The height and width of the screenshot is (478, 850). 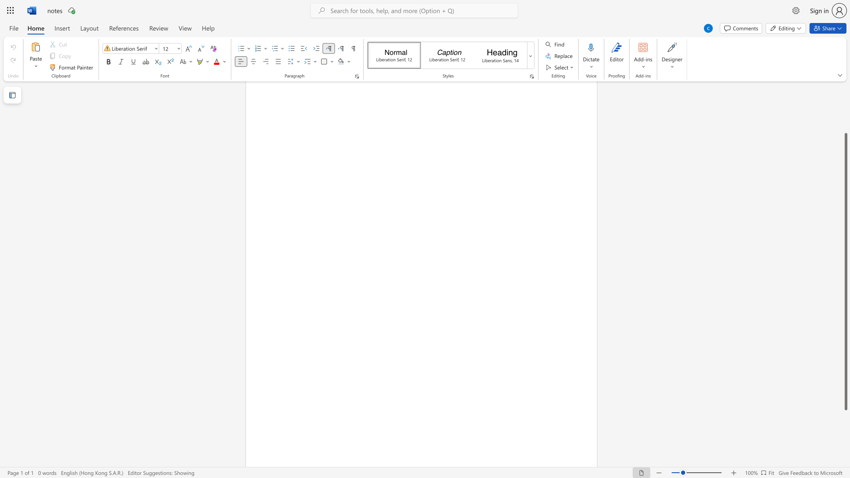 What do you see at coordinates (845, 271) in the screenshot?
I see `the scrollbar and move down 130 pixels` at bounding box center [845, 271].